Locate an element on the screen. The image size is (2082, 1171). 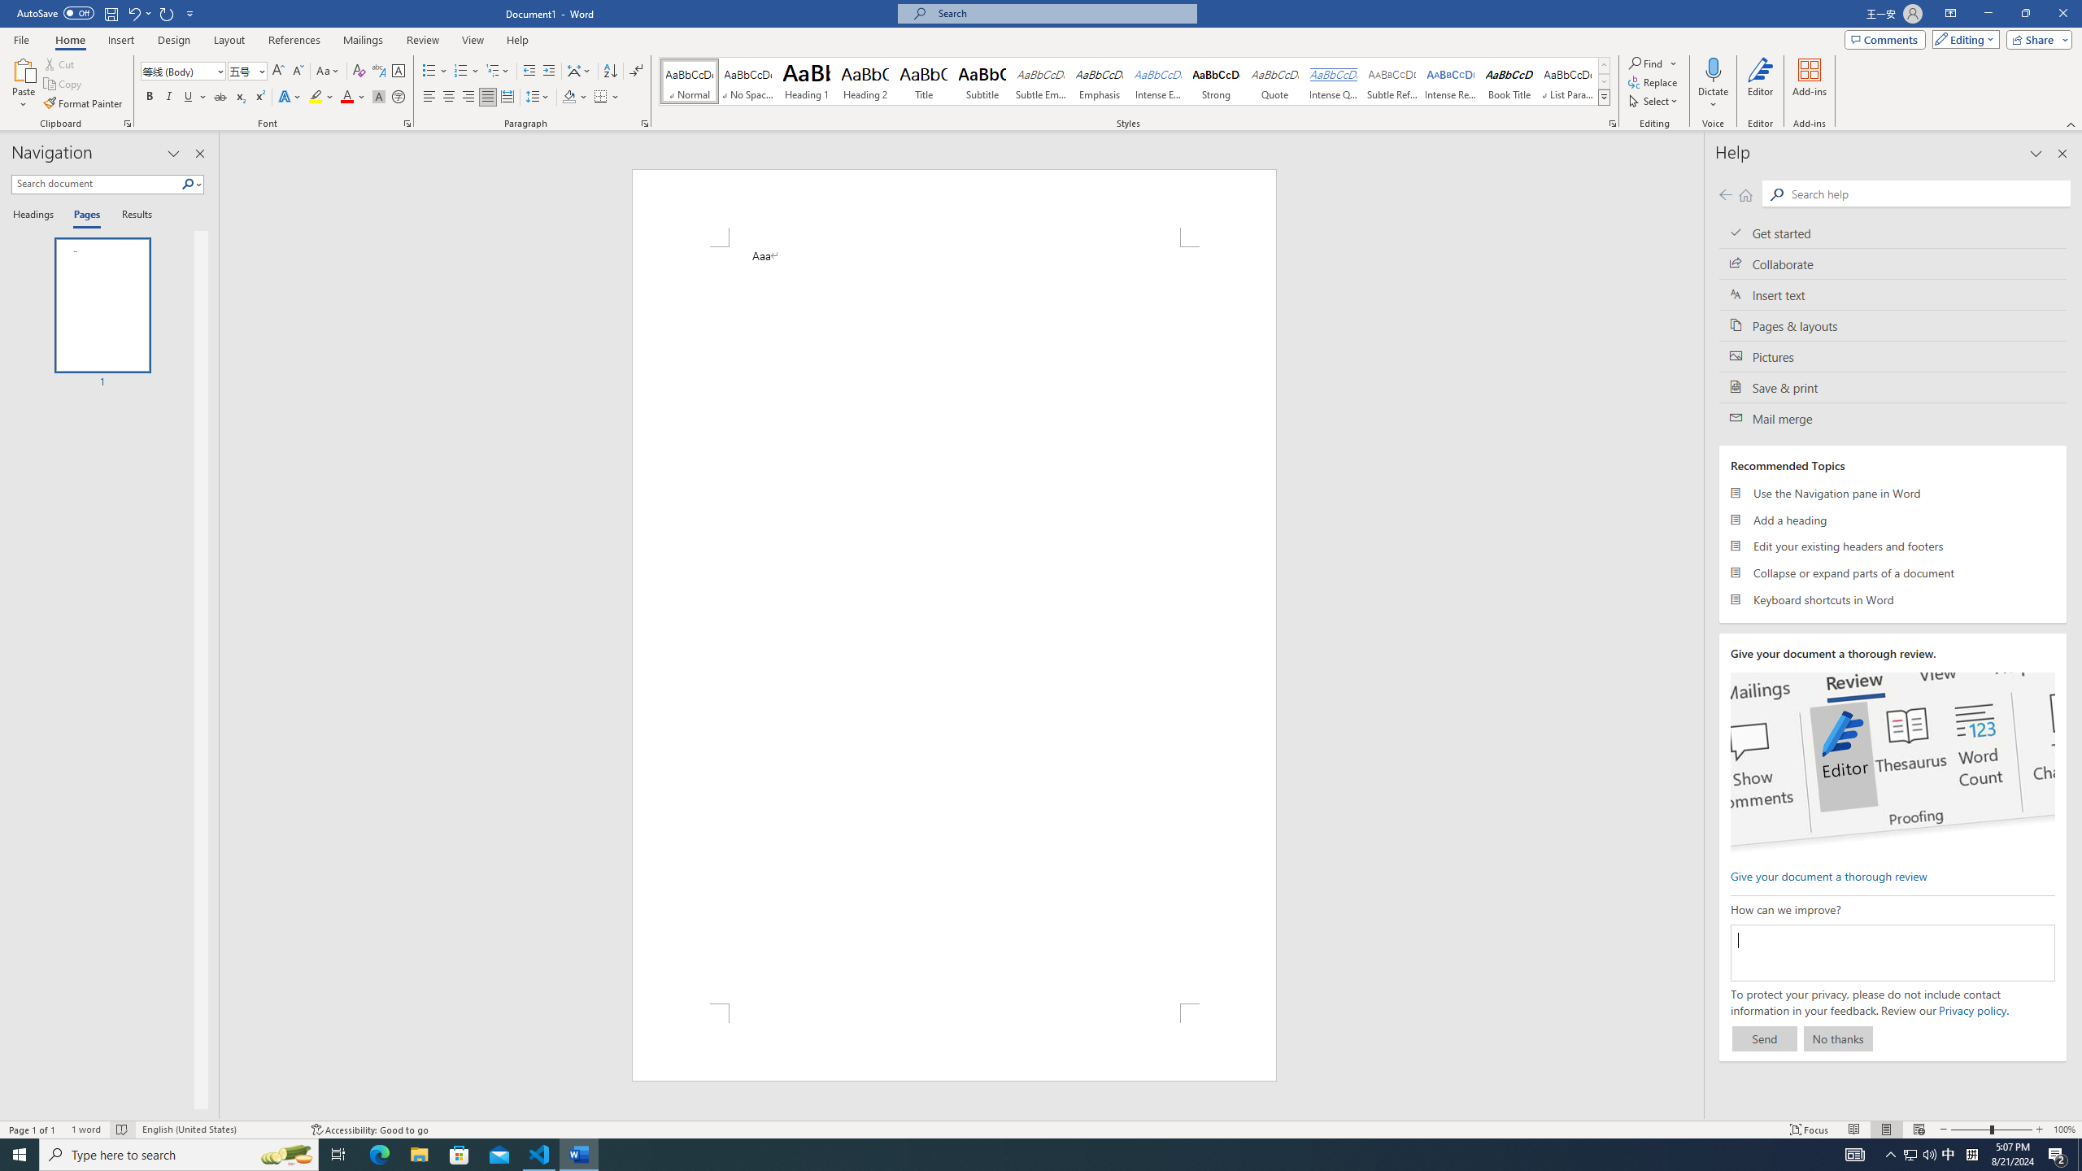
'Subtitle' is located at coordinates (982, 81).